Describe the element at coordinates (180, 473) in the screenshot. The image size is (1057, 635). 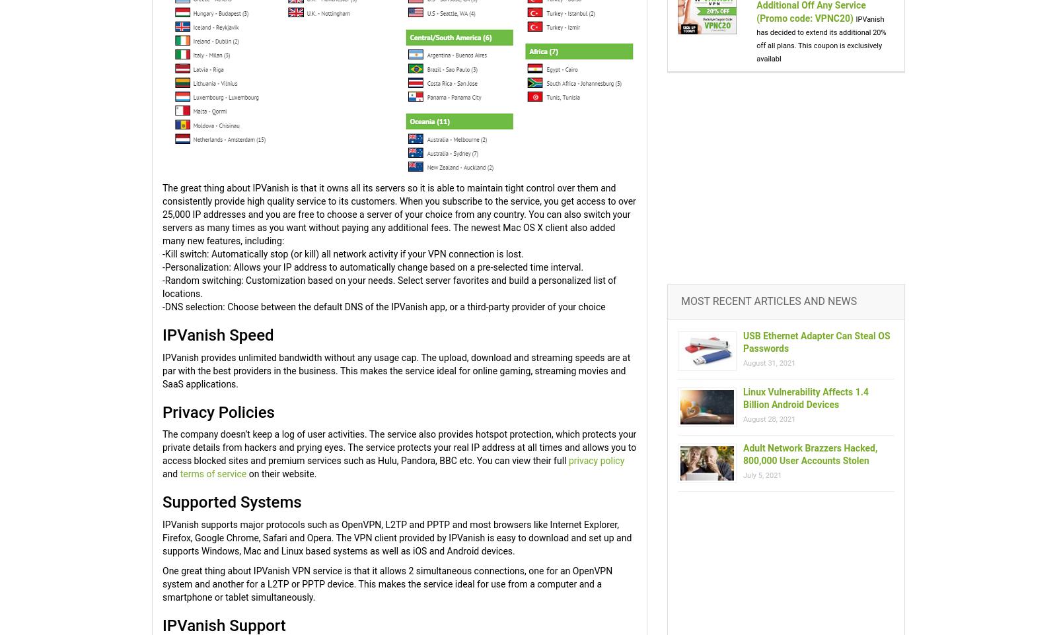
I see `'terms of service'` at that location.